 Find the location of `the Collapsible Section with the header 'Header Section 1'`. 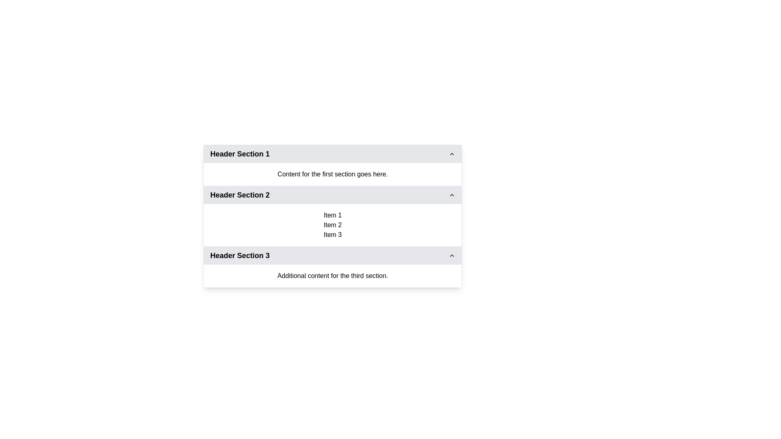

the Collapsible Section with the header 'Header Section 1' is located at coordinates (332, 165).